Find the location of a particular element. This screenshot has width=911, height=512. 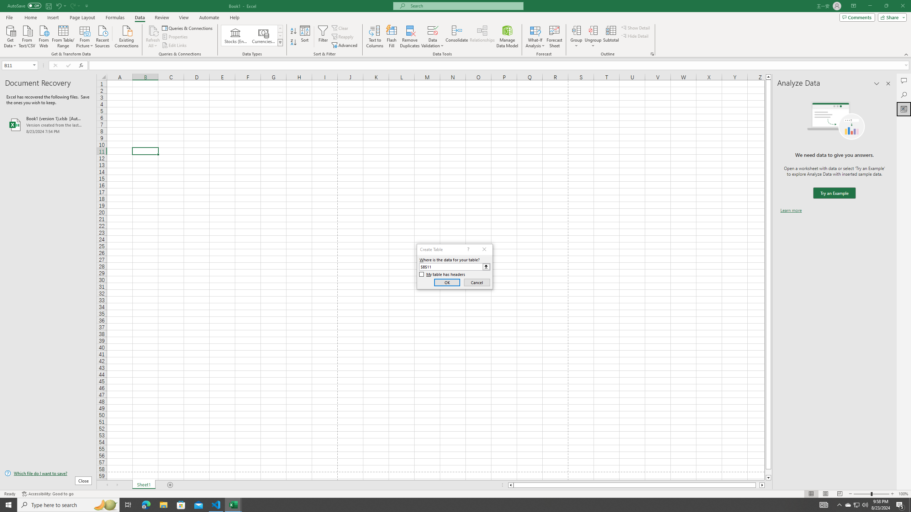

'We need data to give you answers. Try an Example' is located at coordinates (834, 193).